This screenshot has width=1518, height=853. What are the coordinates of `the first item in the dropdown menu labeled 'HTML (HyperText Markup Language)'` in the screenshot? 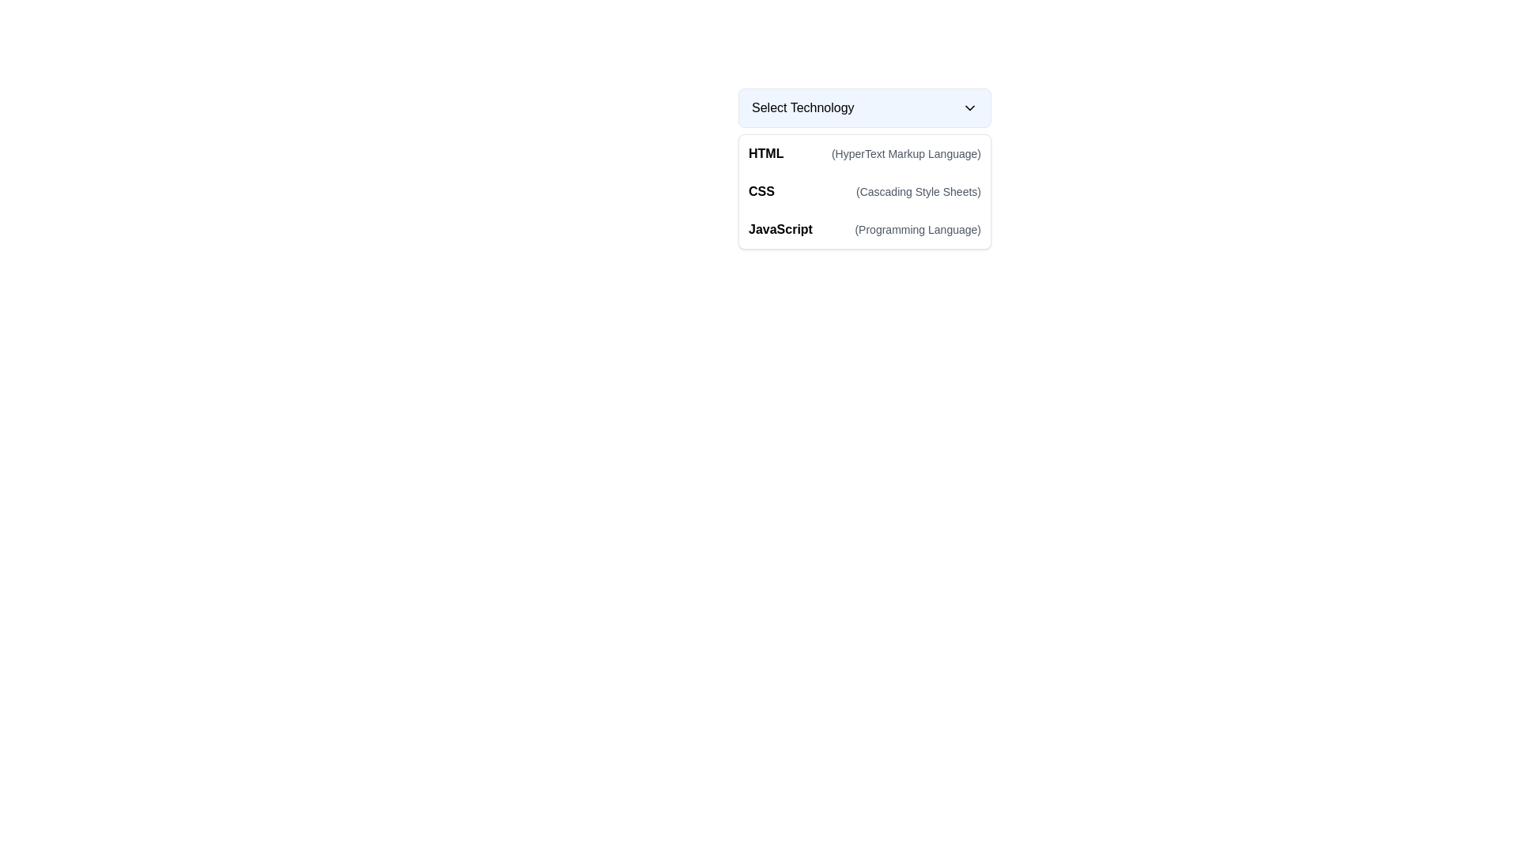 It's located at (864, 154).